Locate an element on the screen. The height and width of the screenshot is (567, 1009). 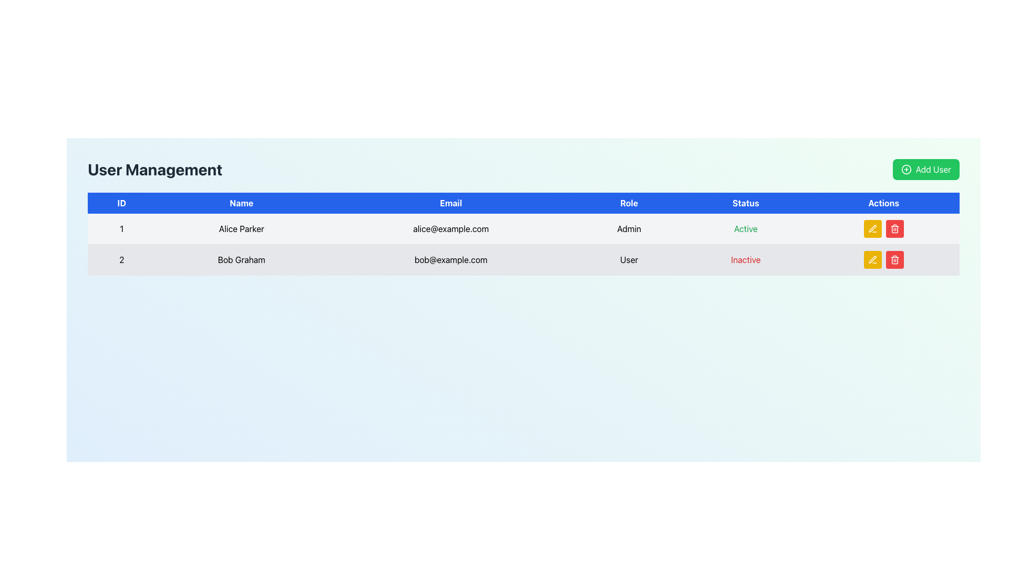
the text field displaying the email address 'alice@example.com' in the third column of the first row of the data table is located at coordinates (451, 228).